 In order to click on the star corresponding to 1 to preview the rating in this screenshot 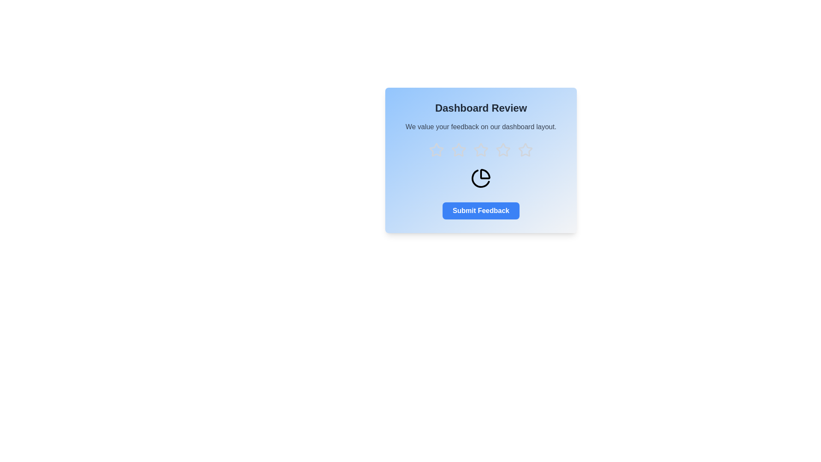, I will do `click(437, 150)`.